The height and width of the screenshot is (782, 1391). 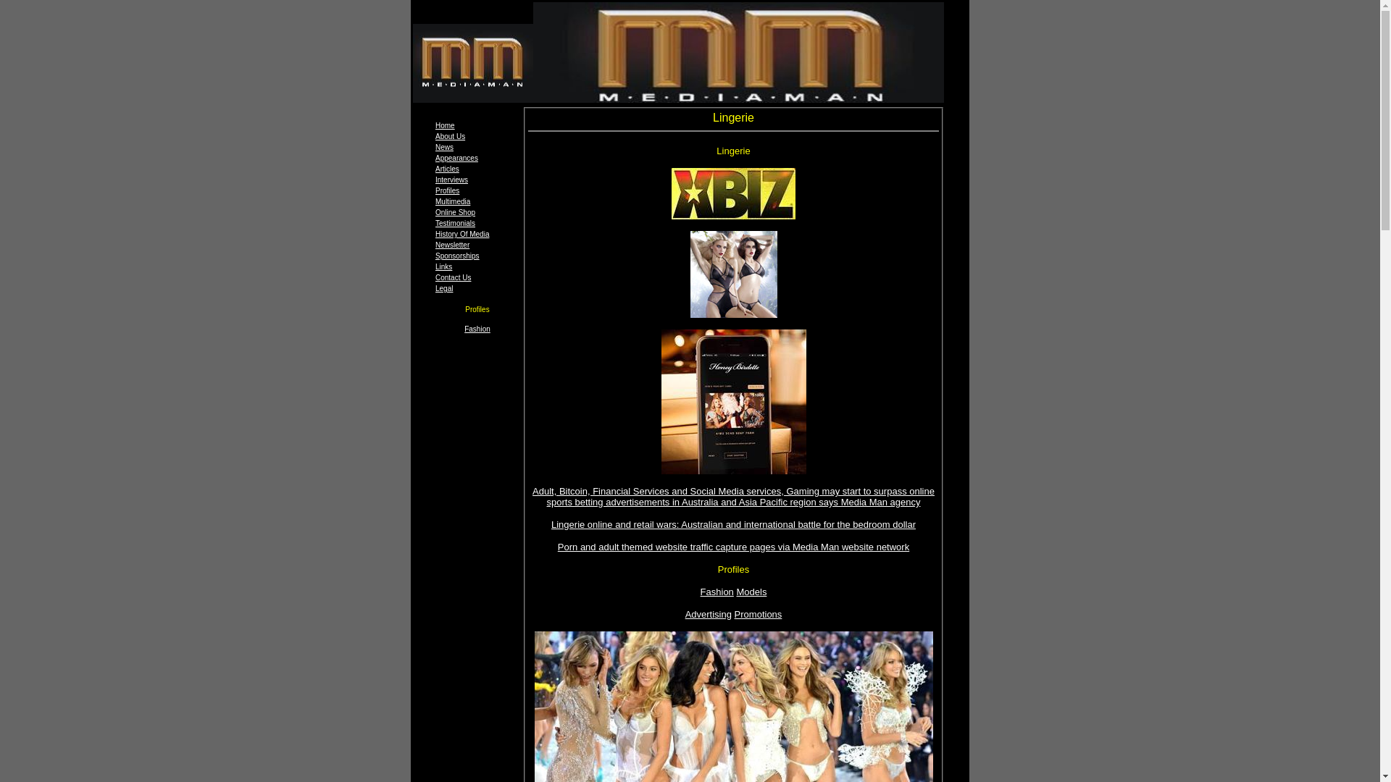 I want to click on 'Profiles', so click(x=446, y=190).